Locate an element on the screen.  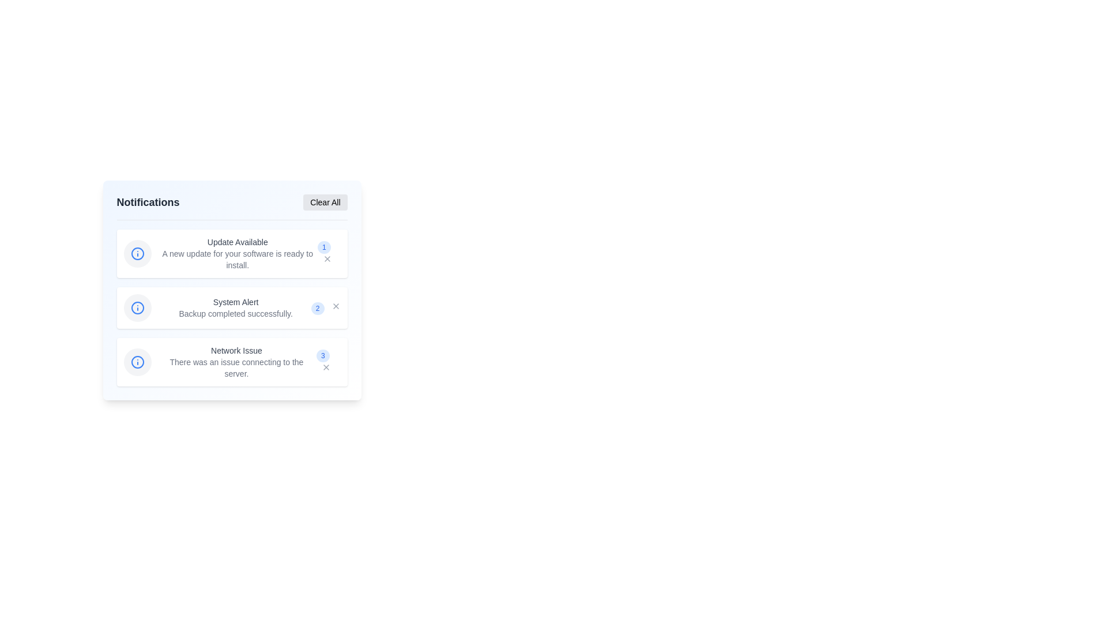
the 'Network Issue' icon, which visually represents an information status related to the notification about a connection issue, located to the left of the corresponding text in the notification list is located at coordinates (137, 362).